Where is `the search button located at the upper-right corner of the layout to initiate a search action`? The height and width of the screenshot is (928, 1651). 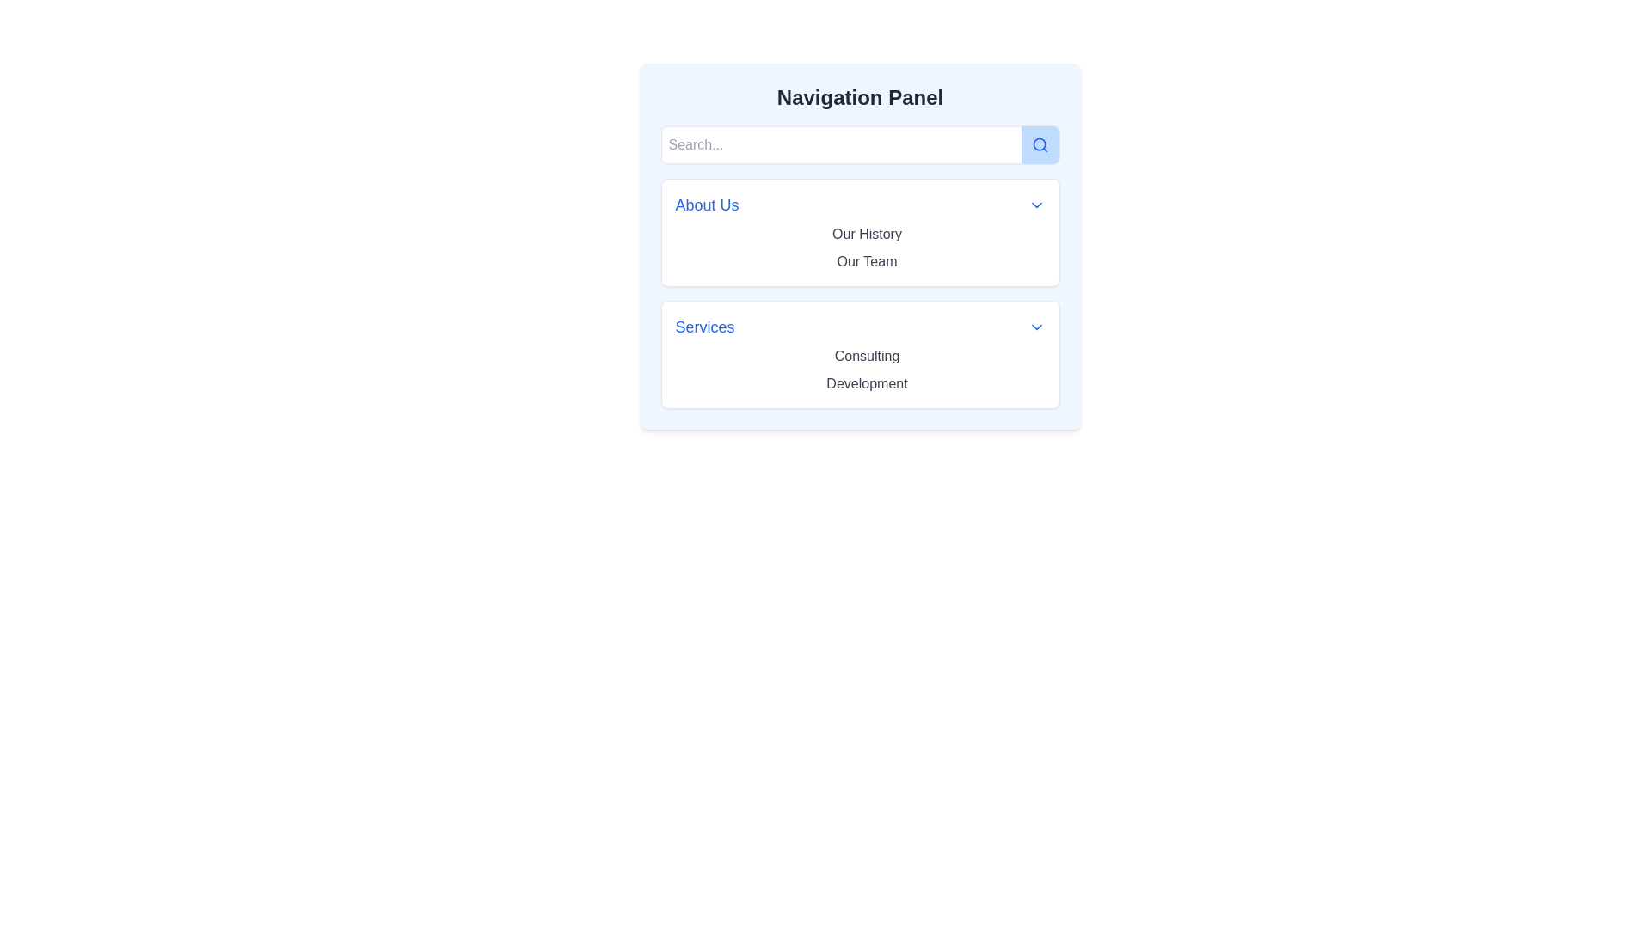 the search button located at the upper-right corner of the layout to initiate a search action is located at coordinates (1039, 144).